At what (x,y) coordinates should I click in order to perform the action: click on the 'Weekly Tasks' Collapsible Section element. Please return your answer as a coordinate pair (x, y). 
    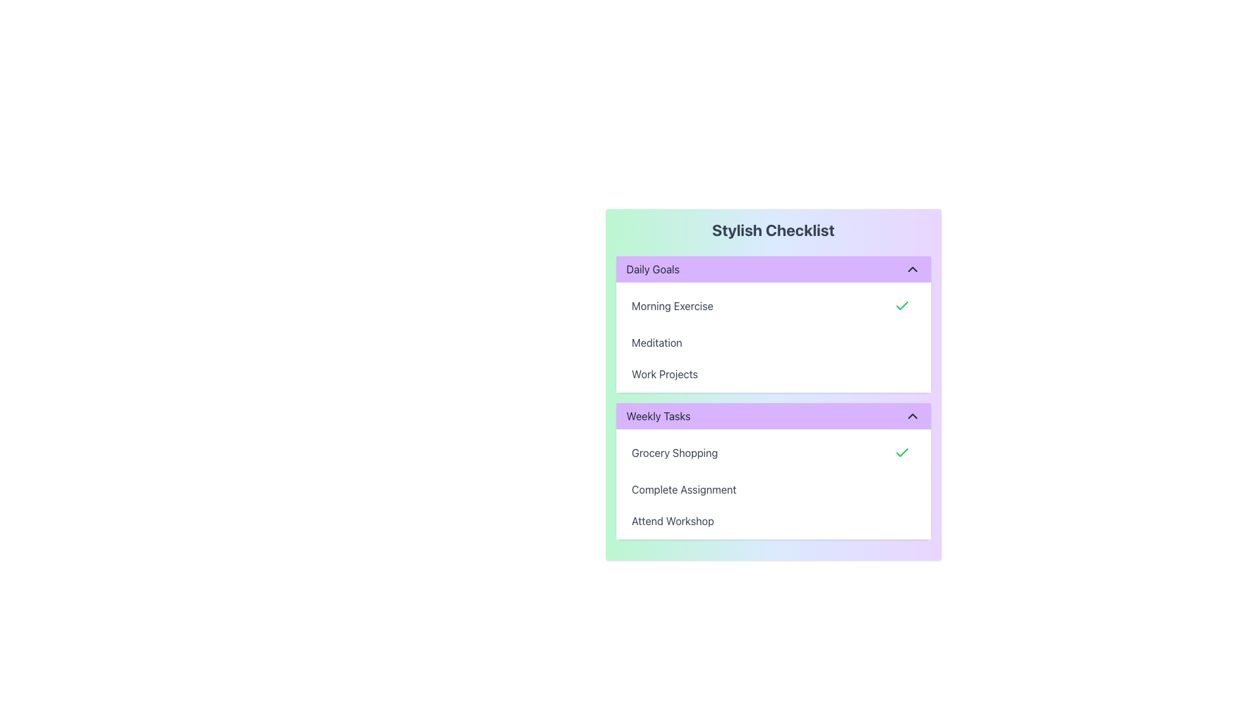
    Looking at the image, I should click on (773, 397).